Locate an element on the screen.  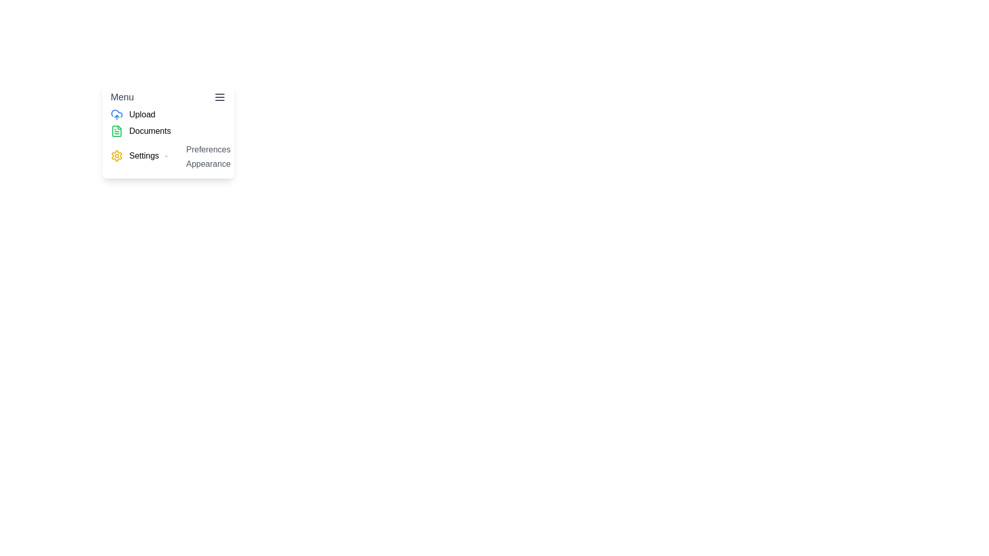
the gear-shaped icon located in the settings menu, which is positioned to the left of the 'Preferences' and 'Appearance' options is located at coordinates (116, 156).